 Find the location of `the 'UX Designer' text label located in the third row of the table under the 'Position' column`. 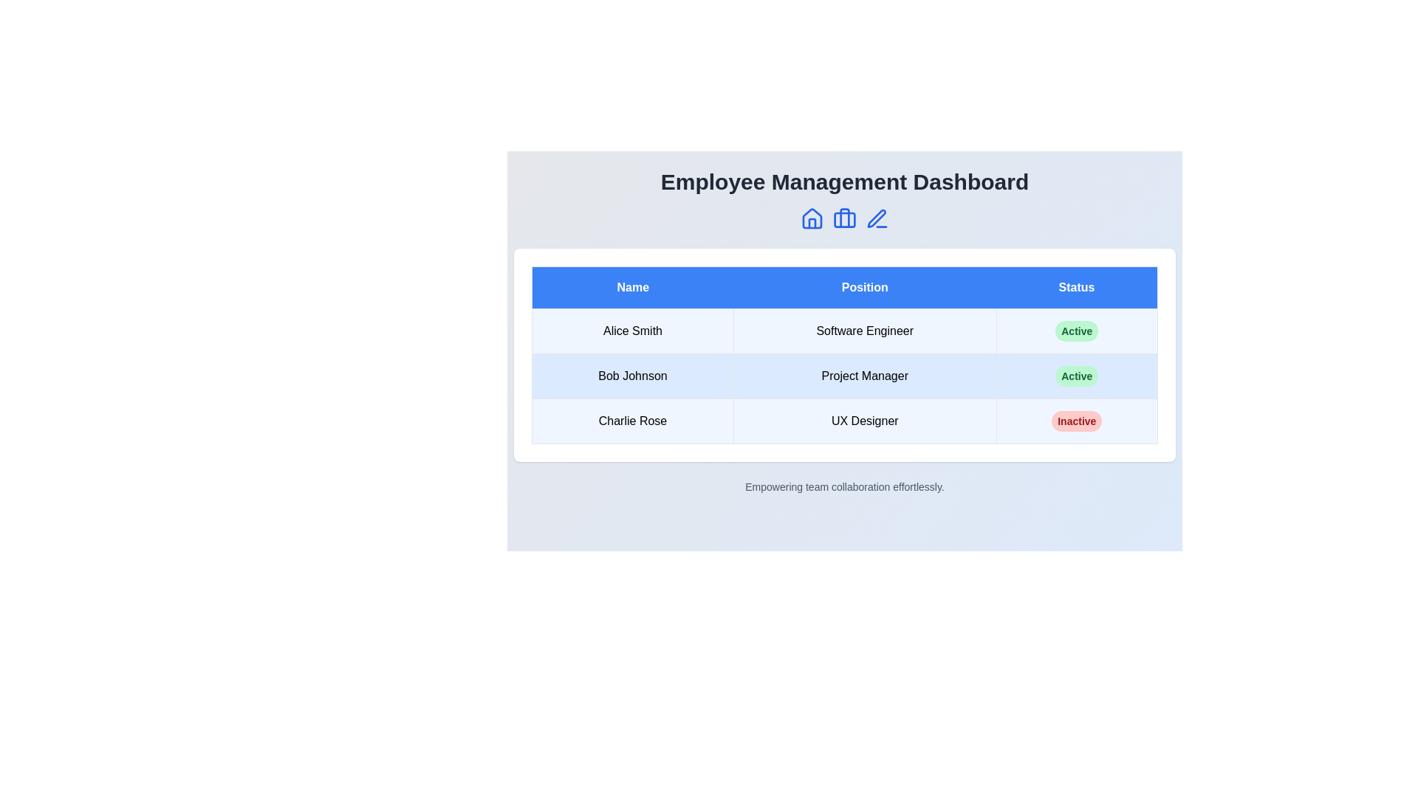

the 'UX Designer' text label located in the third row of the table under the 'Position' column is located at coordinates (865, 421).